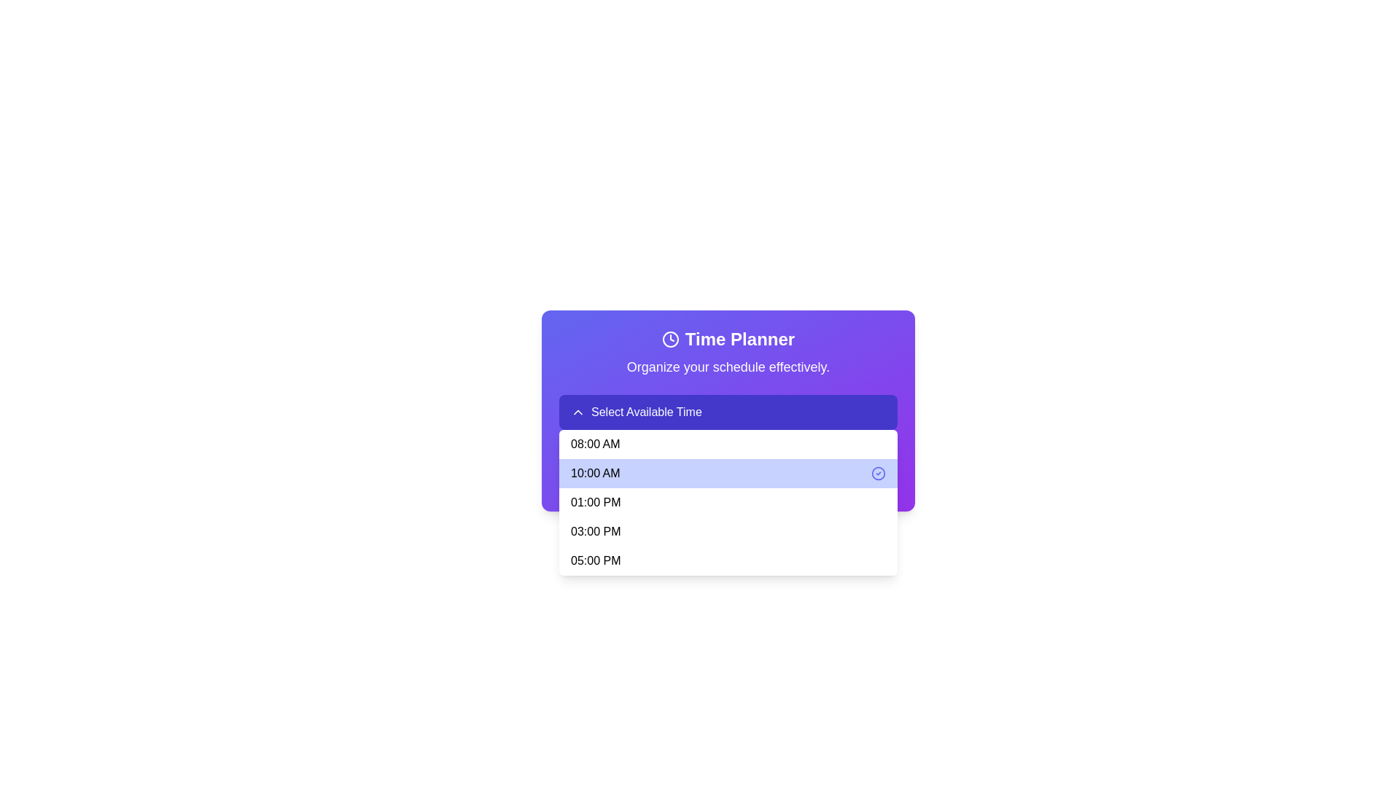 The image size is (1400, 787). I want to click on the third option in the dropdown menu containing time selections, which is currently highlighted with a light blue background, so click(728, 502).